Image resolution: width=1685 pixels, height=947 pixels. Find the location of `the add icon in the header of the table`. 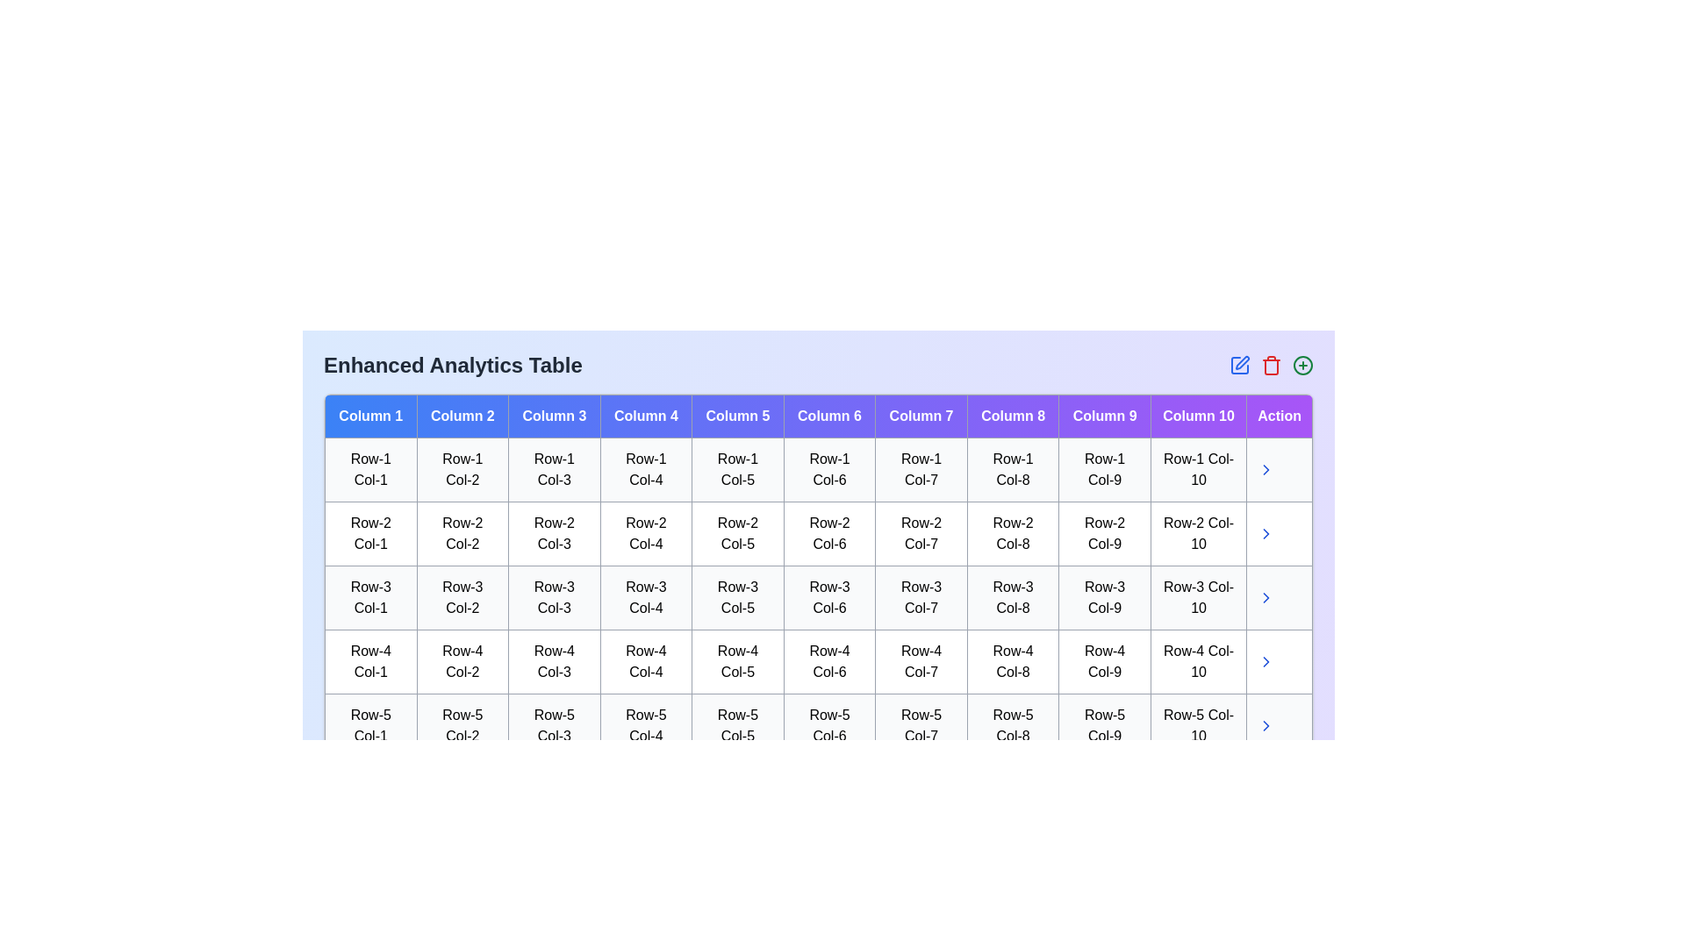

the add icon in the header of the table is located at coordinates (1302, 364).